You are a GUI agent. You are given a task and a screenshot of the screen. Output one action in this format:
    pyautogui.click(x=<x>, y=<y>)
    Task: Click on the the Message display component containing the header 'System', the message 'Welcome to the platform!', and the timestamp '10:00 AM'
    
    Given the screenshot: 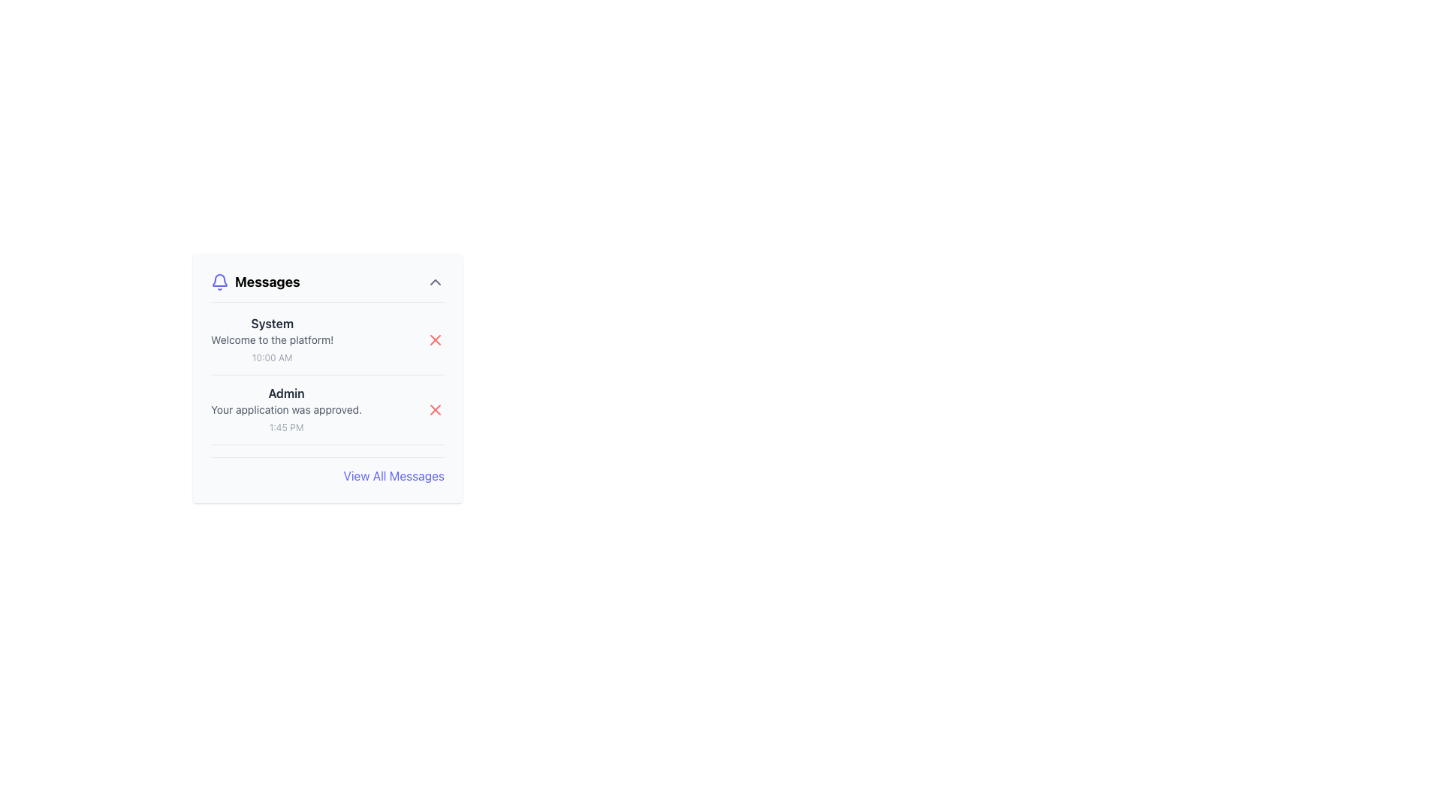 What is the action you would take?
    pyautogui.click(x=272, y=339)
    